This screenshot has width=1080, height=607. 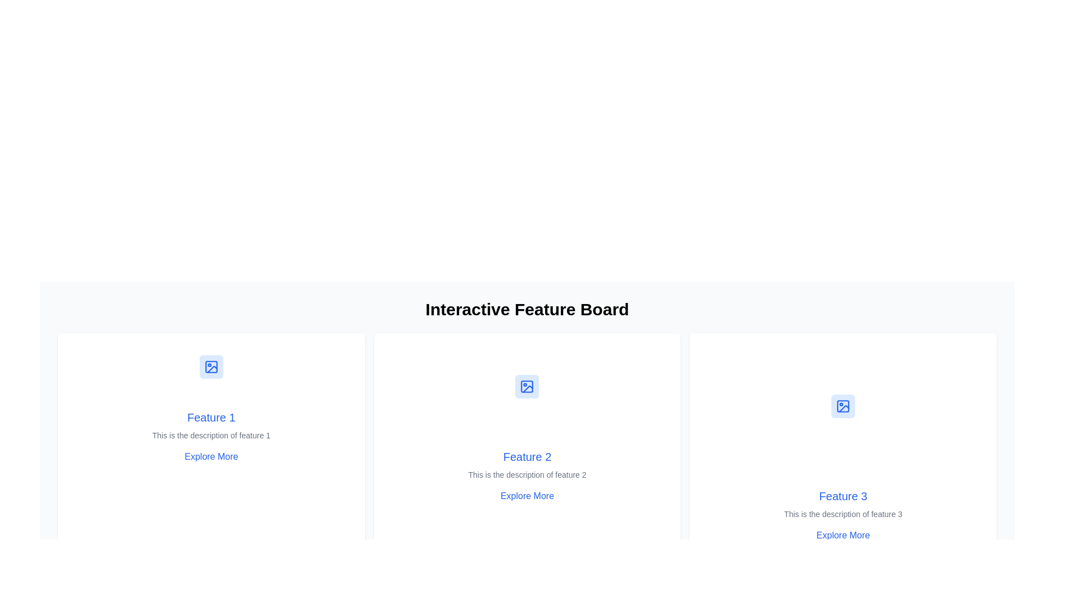 I want to click on the graphical shape within the icon that represents an image-related feature, which is centered above the text 'Feature 3', so click(x=843, y=406).